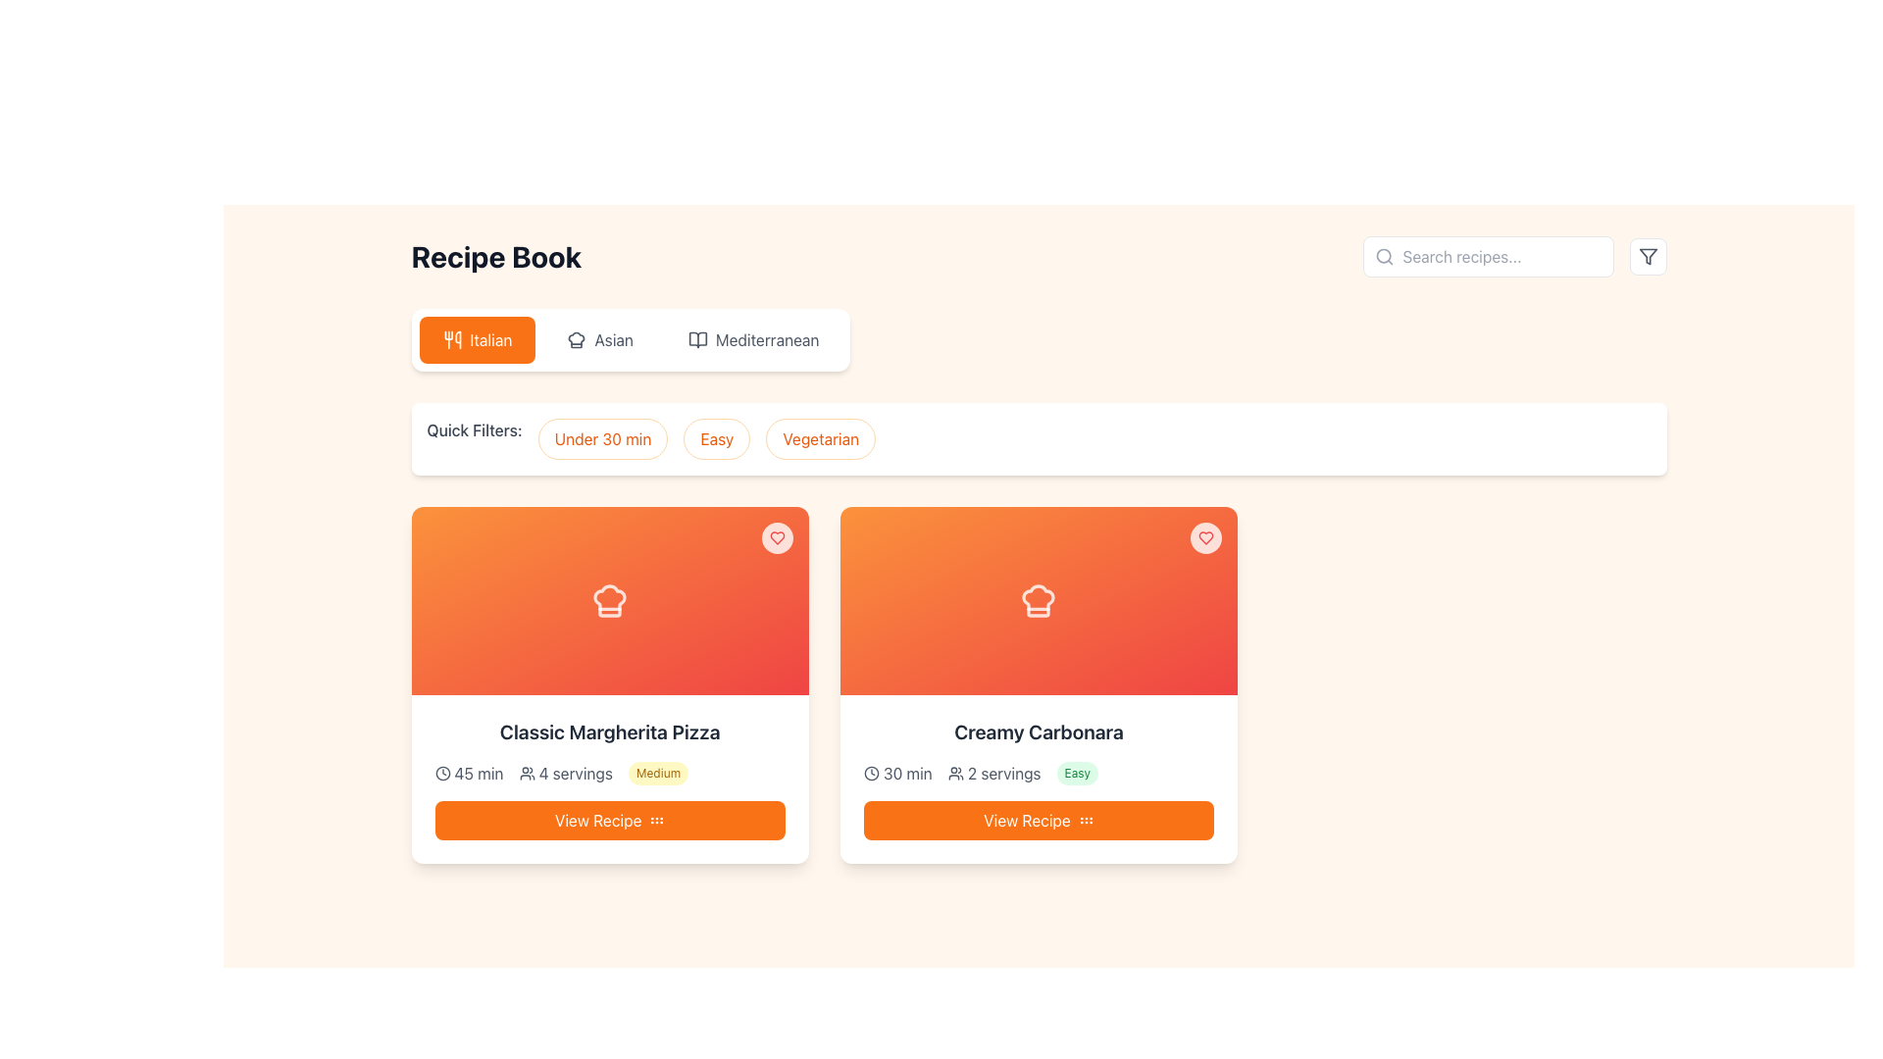 This screenshot has width=1883, height=1059. I want to click on the icon depicting two stylized people outlines, located to the left of the text '2 servings' in the 'Creamy Carbonara' card, so click(955, 773).